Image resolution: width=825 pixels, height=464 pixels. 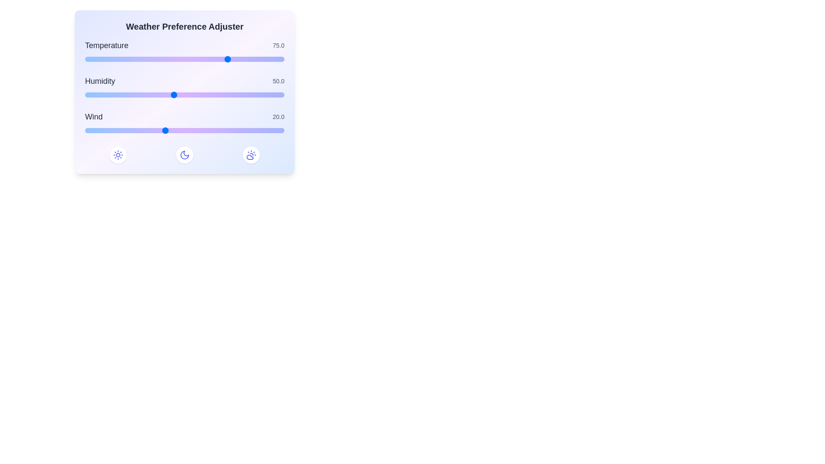 What do you see at coordinates (145, 95) in the screenshot?
I see `the humidity value` at bounding box center [145, 95].